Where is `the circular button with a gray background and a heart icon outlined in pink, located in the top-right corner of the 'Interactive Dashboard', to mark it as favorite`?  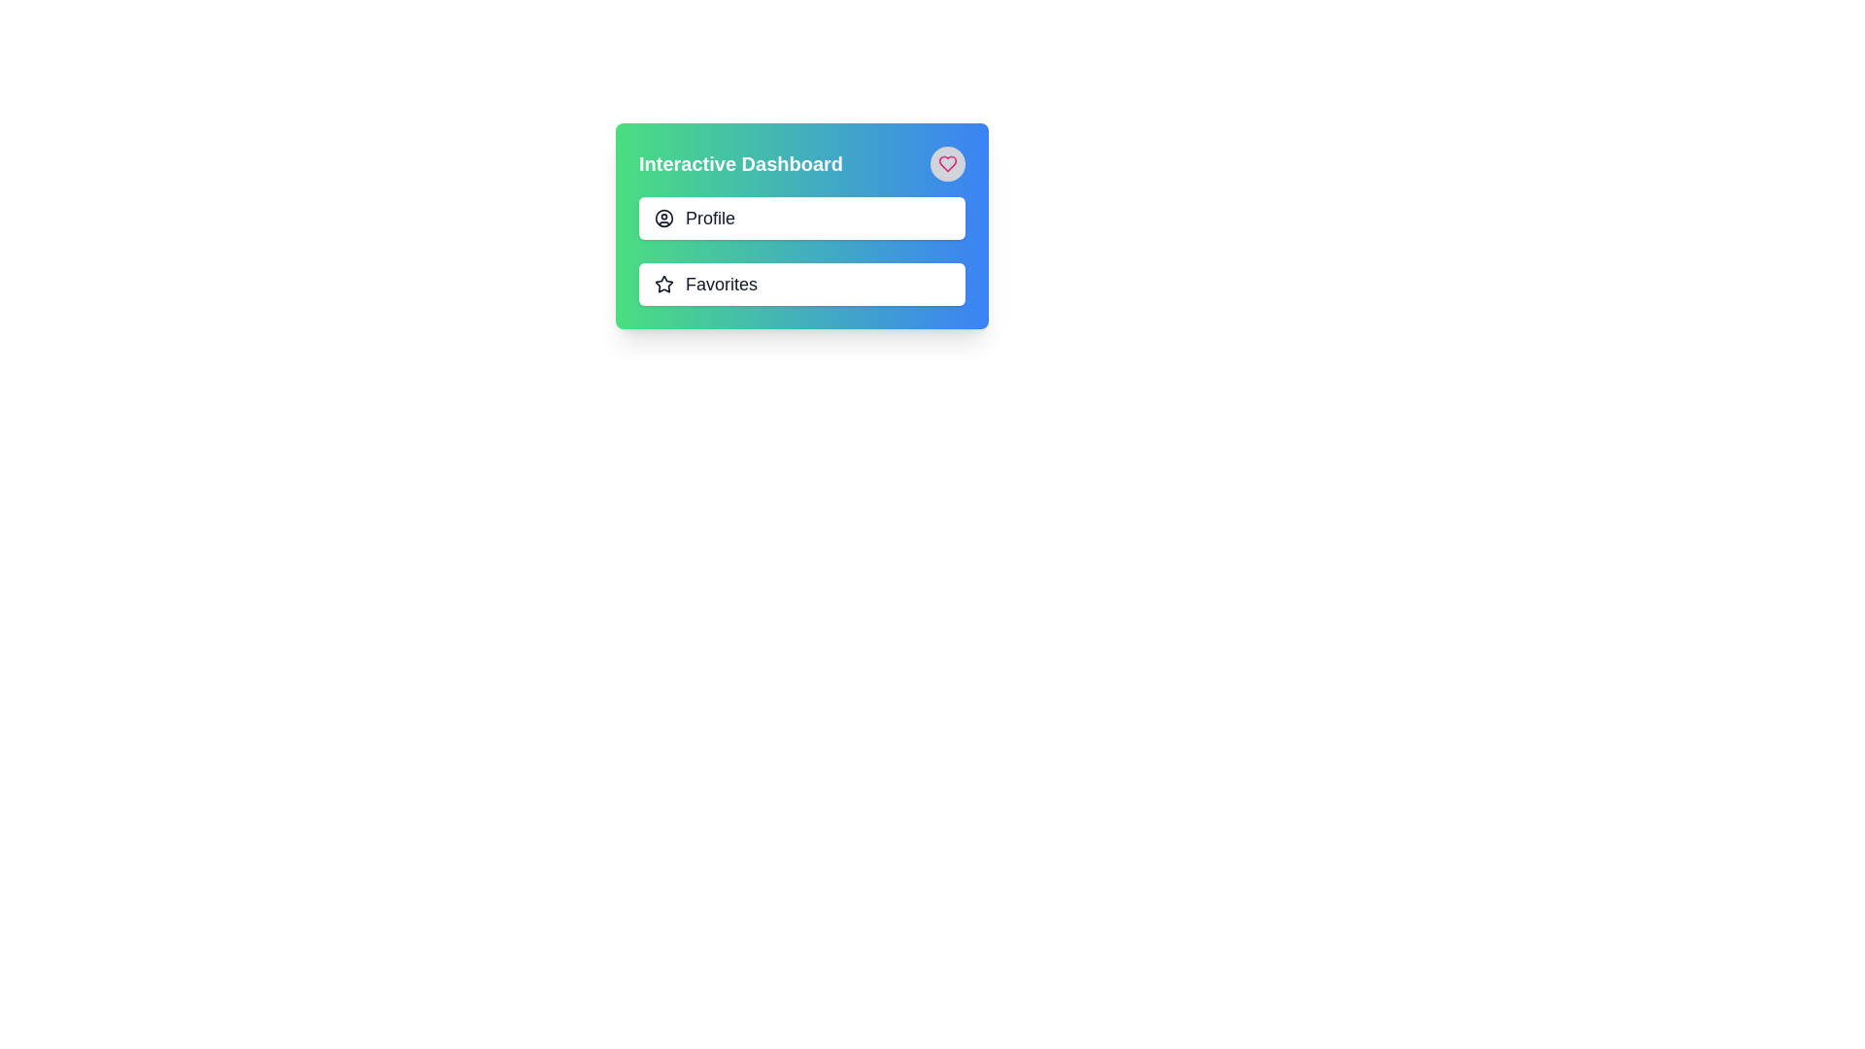
the circular button with a gray background and a heart icon outlined in pink, located in the top-right corner of the 'Interactive Dashboard', to mark it as favorite is located at coordinates (947, 163).